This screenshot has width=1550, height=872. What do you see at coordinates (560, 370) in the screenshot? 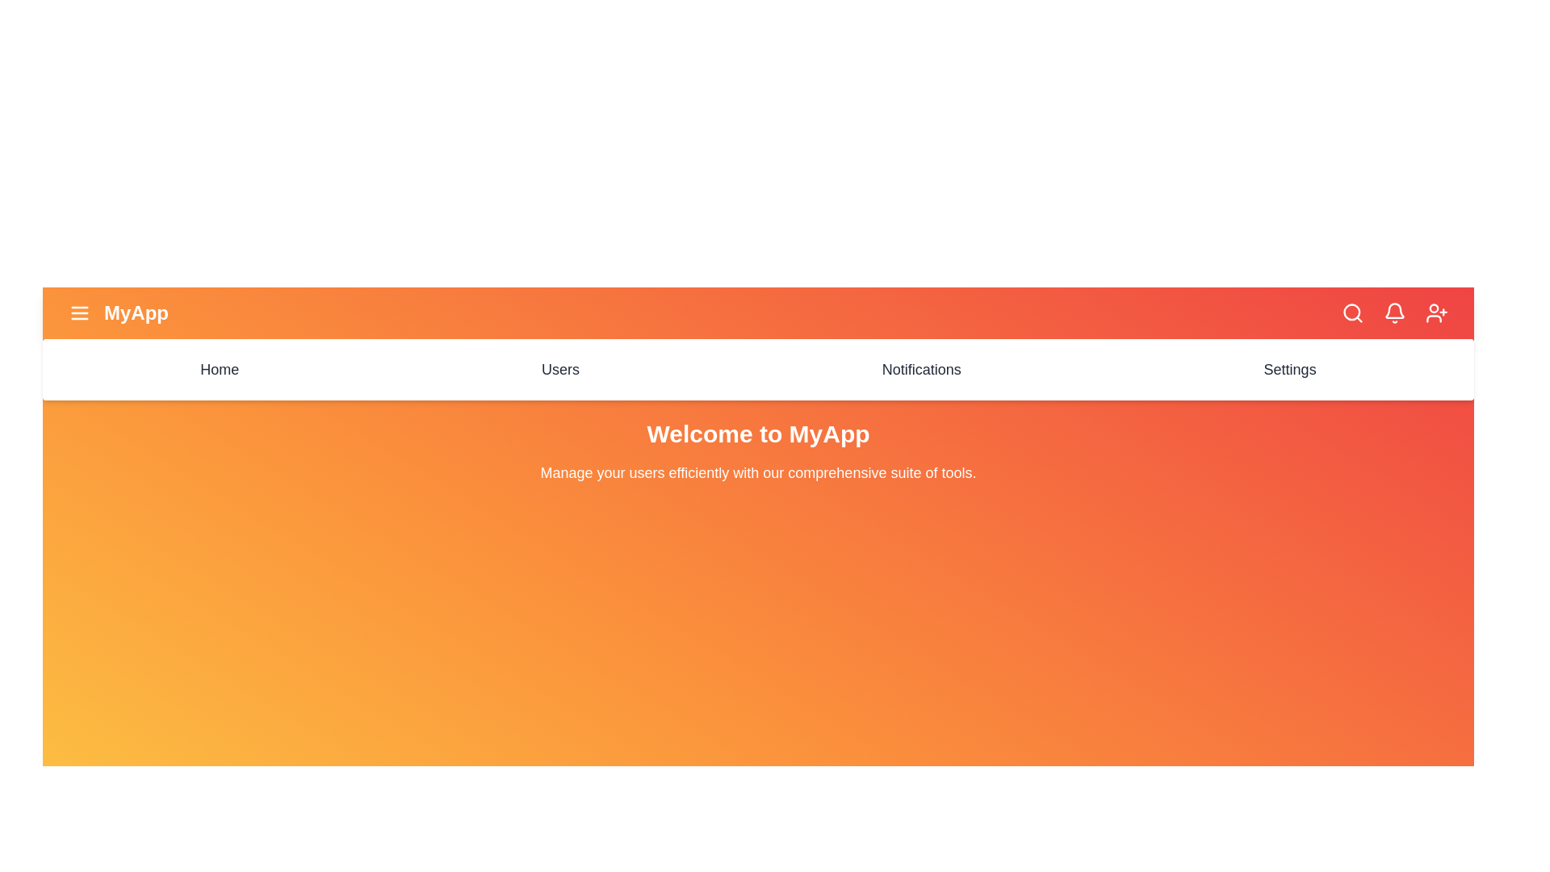
I see `the menu item Users` at bounding box center [560, 370].